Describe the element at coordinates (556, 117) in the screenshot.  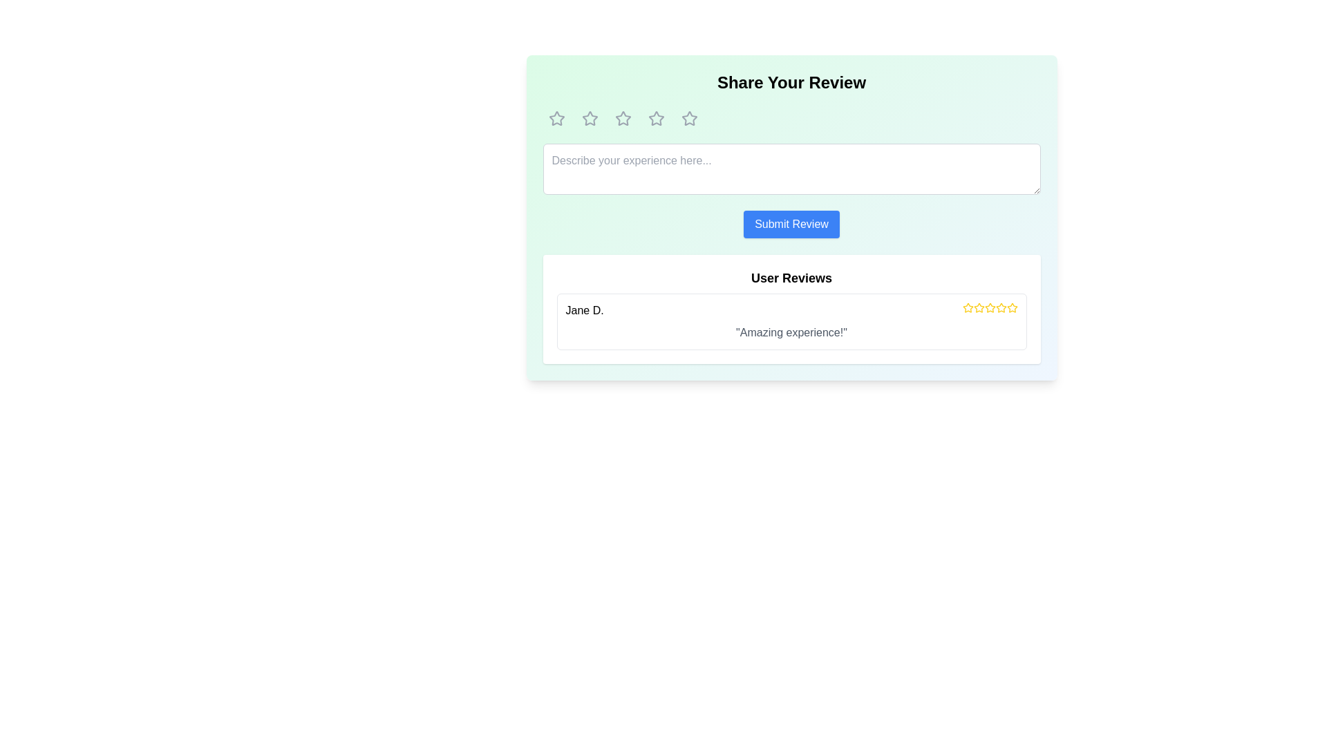
I see `the first star icon, which is a hollow gray star-shaped icon representing a selectable rating option` at that location.